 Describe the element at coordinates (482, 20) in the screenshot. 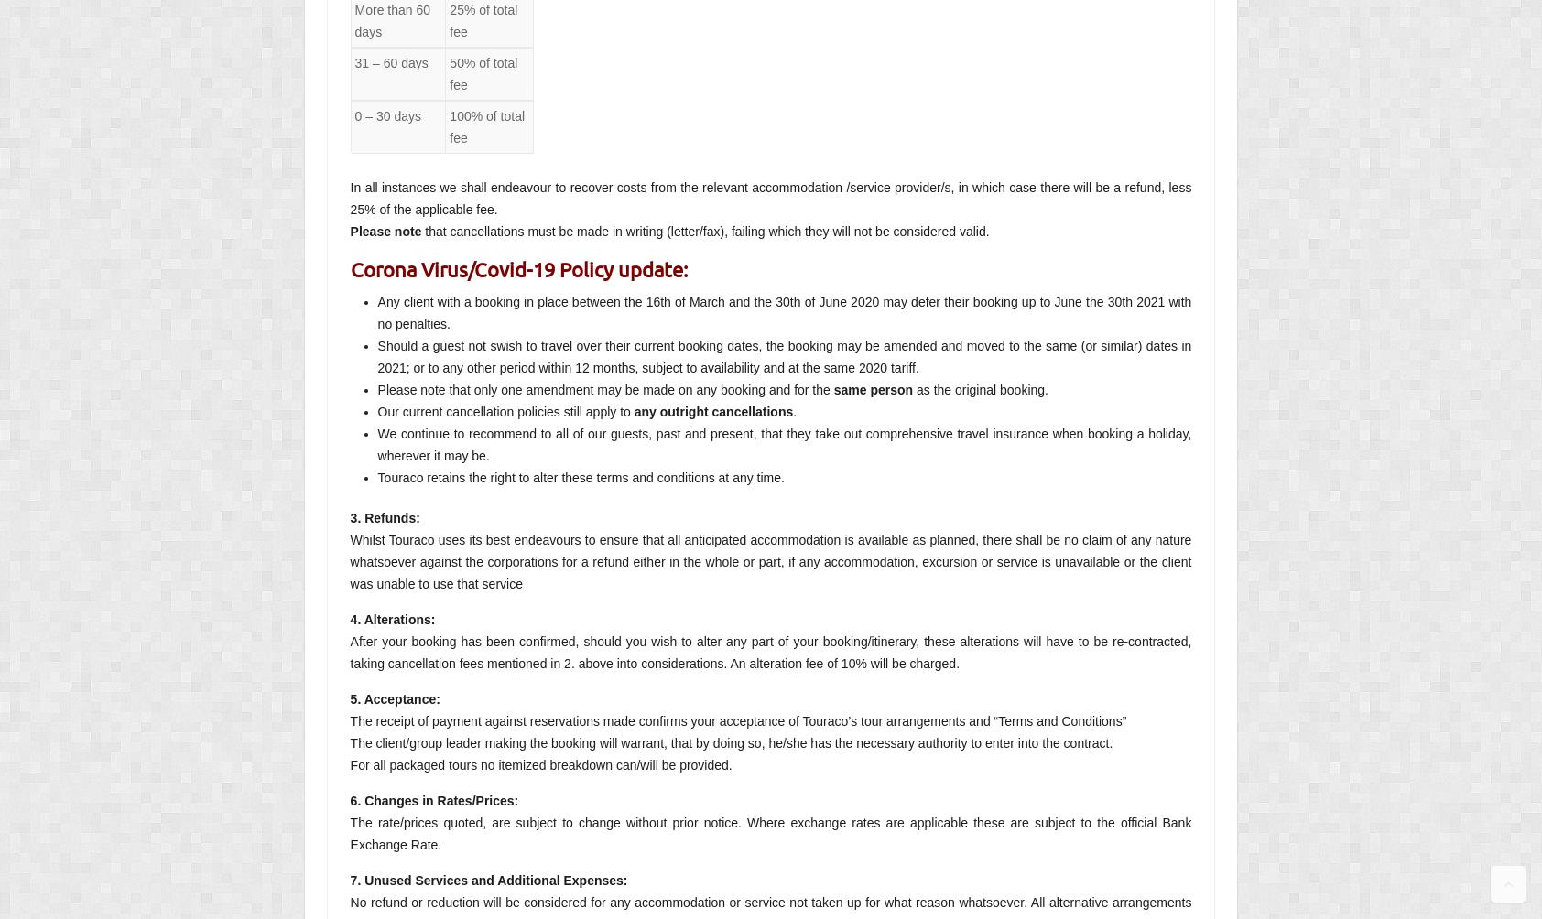

I see `'25% of total fee'` at that location.